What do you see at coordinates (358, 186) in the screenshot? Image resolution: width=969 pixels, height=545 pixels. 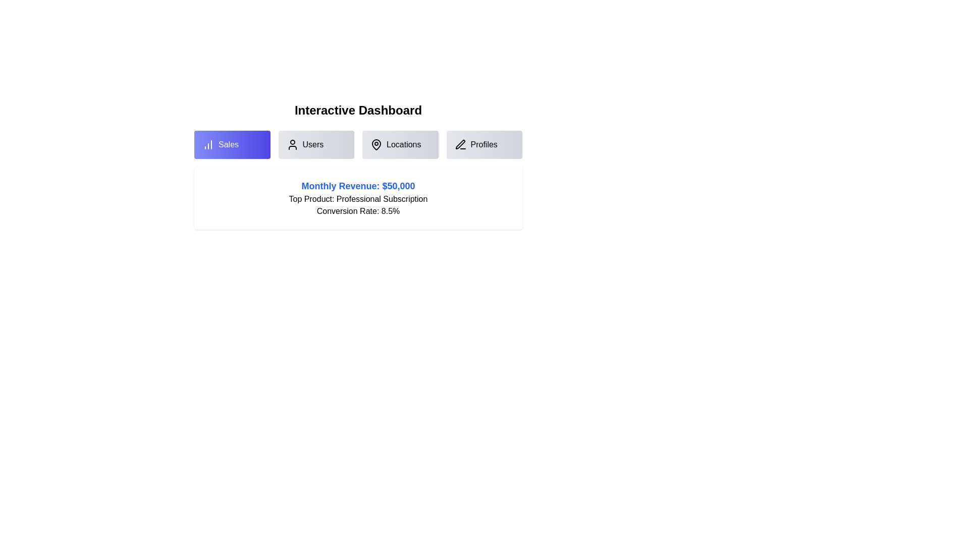 I see `current monthly revenue displayed in the text label, which is prominently positioned as the first line above 'Top Product: Professional Subscription' and 'Conversion Rate: 8.5%'` at bounding box center [358, 186].